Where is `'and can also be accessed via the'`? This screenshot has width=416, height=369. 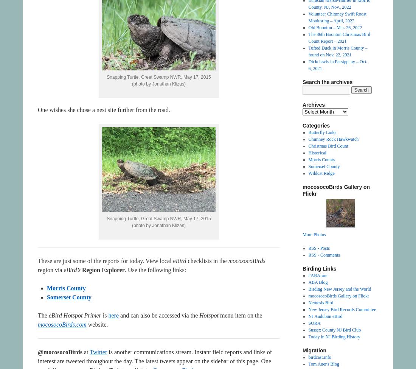 'and can also be accessed via the' is located at coordinates (118, 315).